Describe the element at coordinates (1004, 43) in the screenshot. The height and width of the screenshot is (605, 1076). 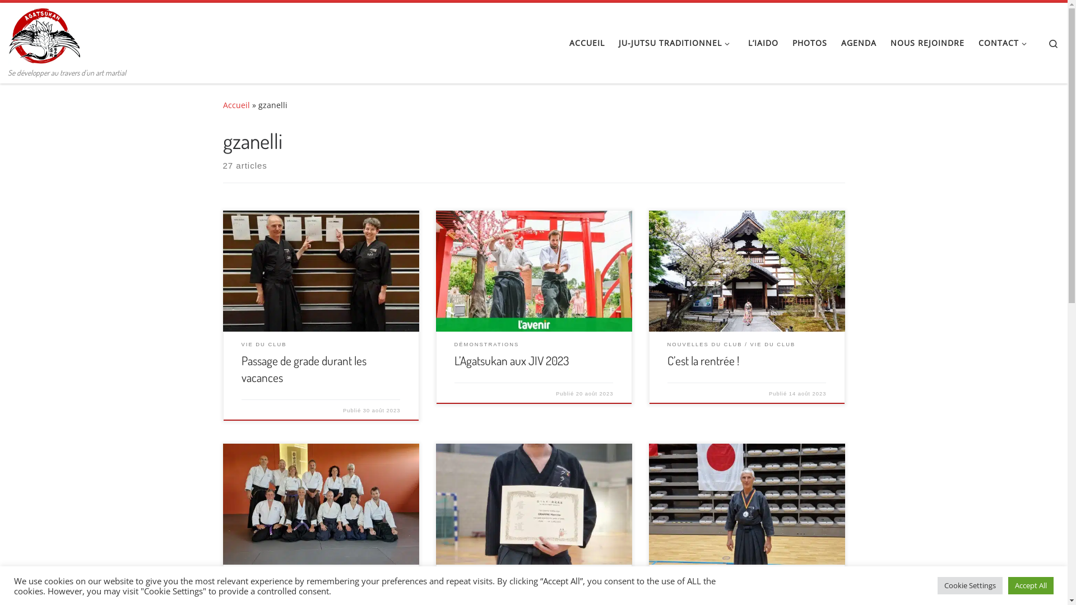
I see `'CONTACT'` at that location.